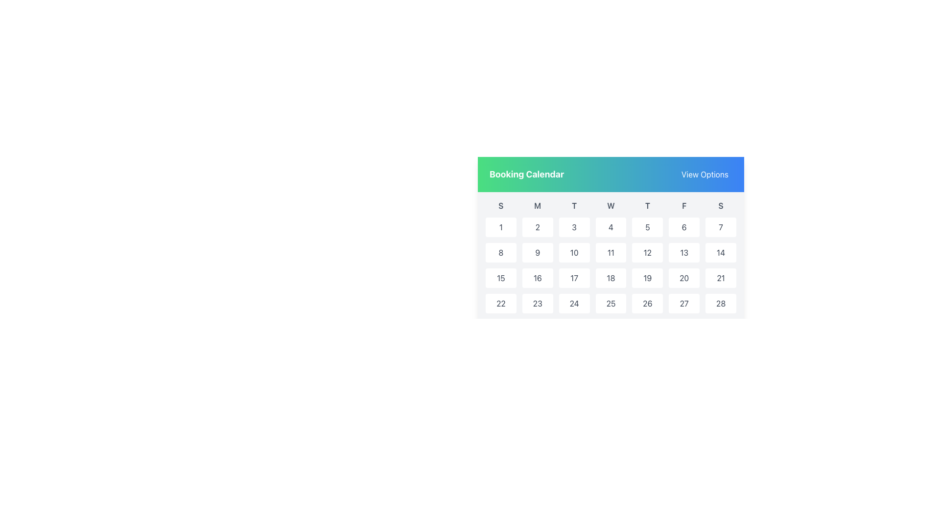  What do you see at coordinates (721, 227) in the screenshot?
I see `the numeral '7' text label, which is bold, light gray, and located in the upper section of the calendar grid, specifically the seventh square in the first row under the 'S' column header` at bounding box center [721, 227].